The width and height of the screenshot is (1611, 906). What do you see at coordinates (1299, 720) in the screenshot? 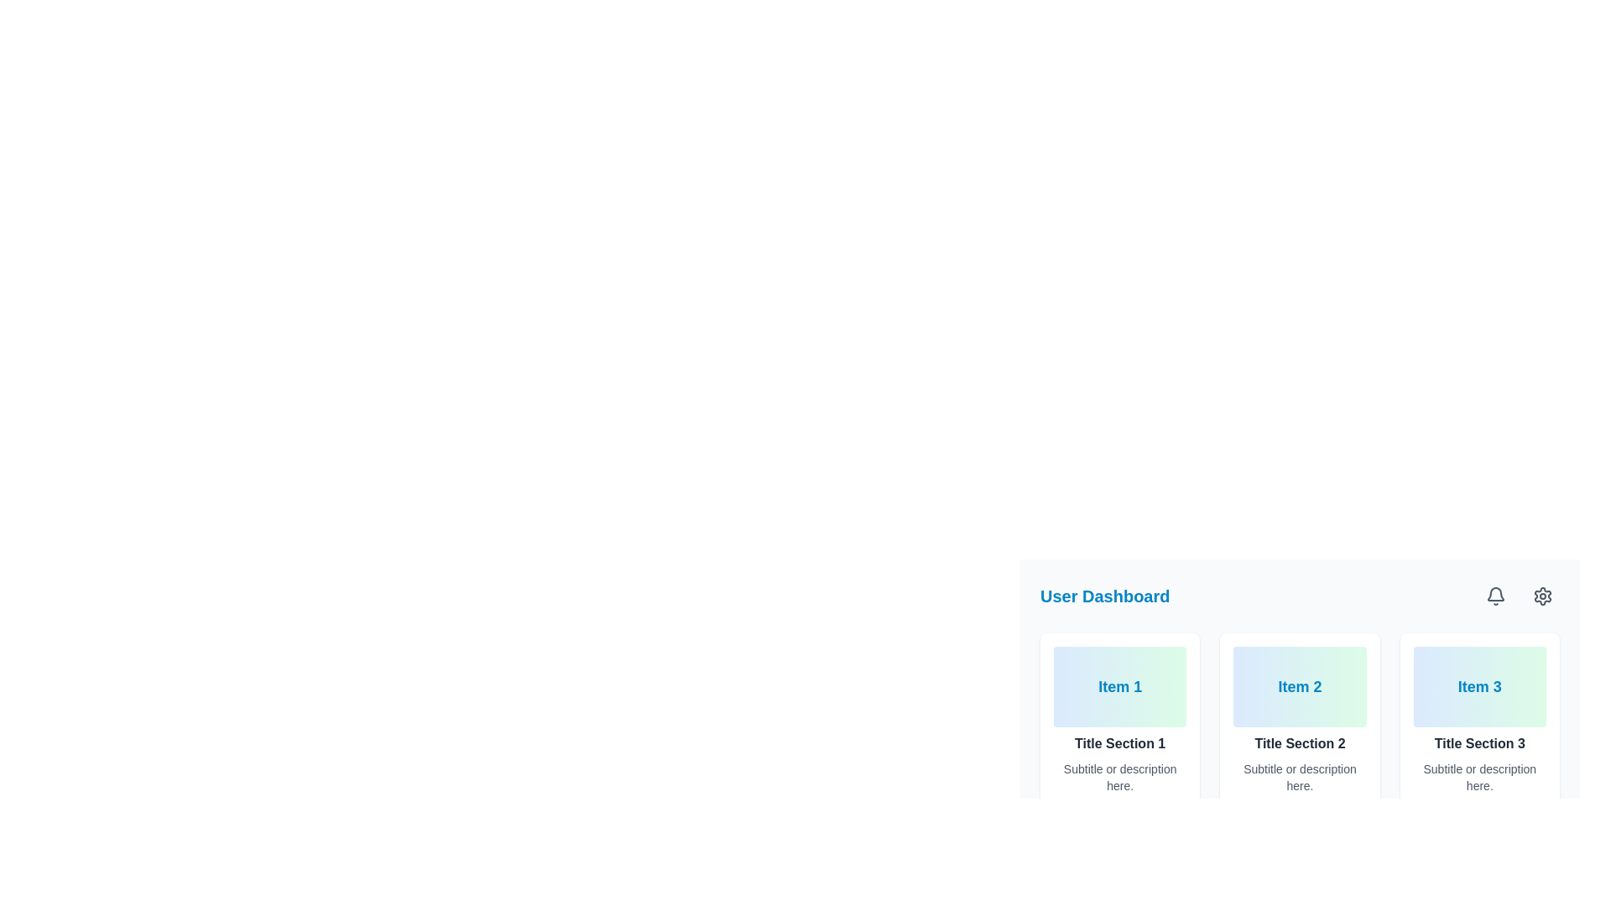
I see `the title and description of the second card in the grid layout, which is positioned to the right of the card labeled 'Item 1' and to the left of the card labeled 'Item 3'` at bounding box center [1299, 720].